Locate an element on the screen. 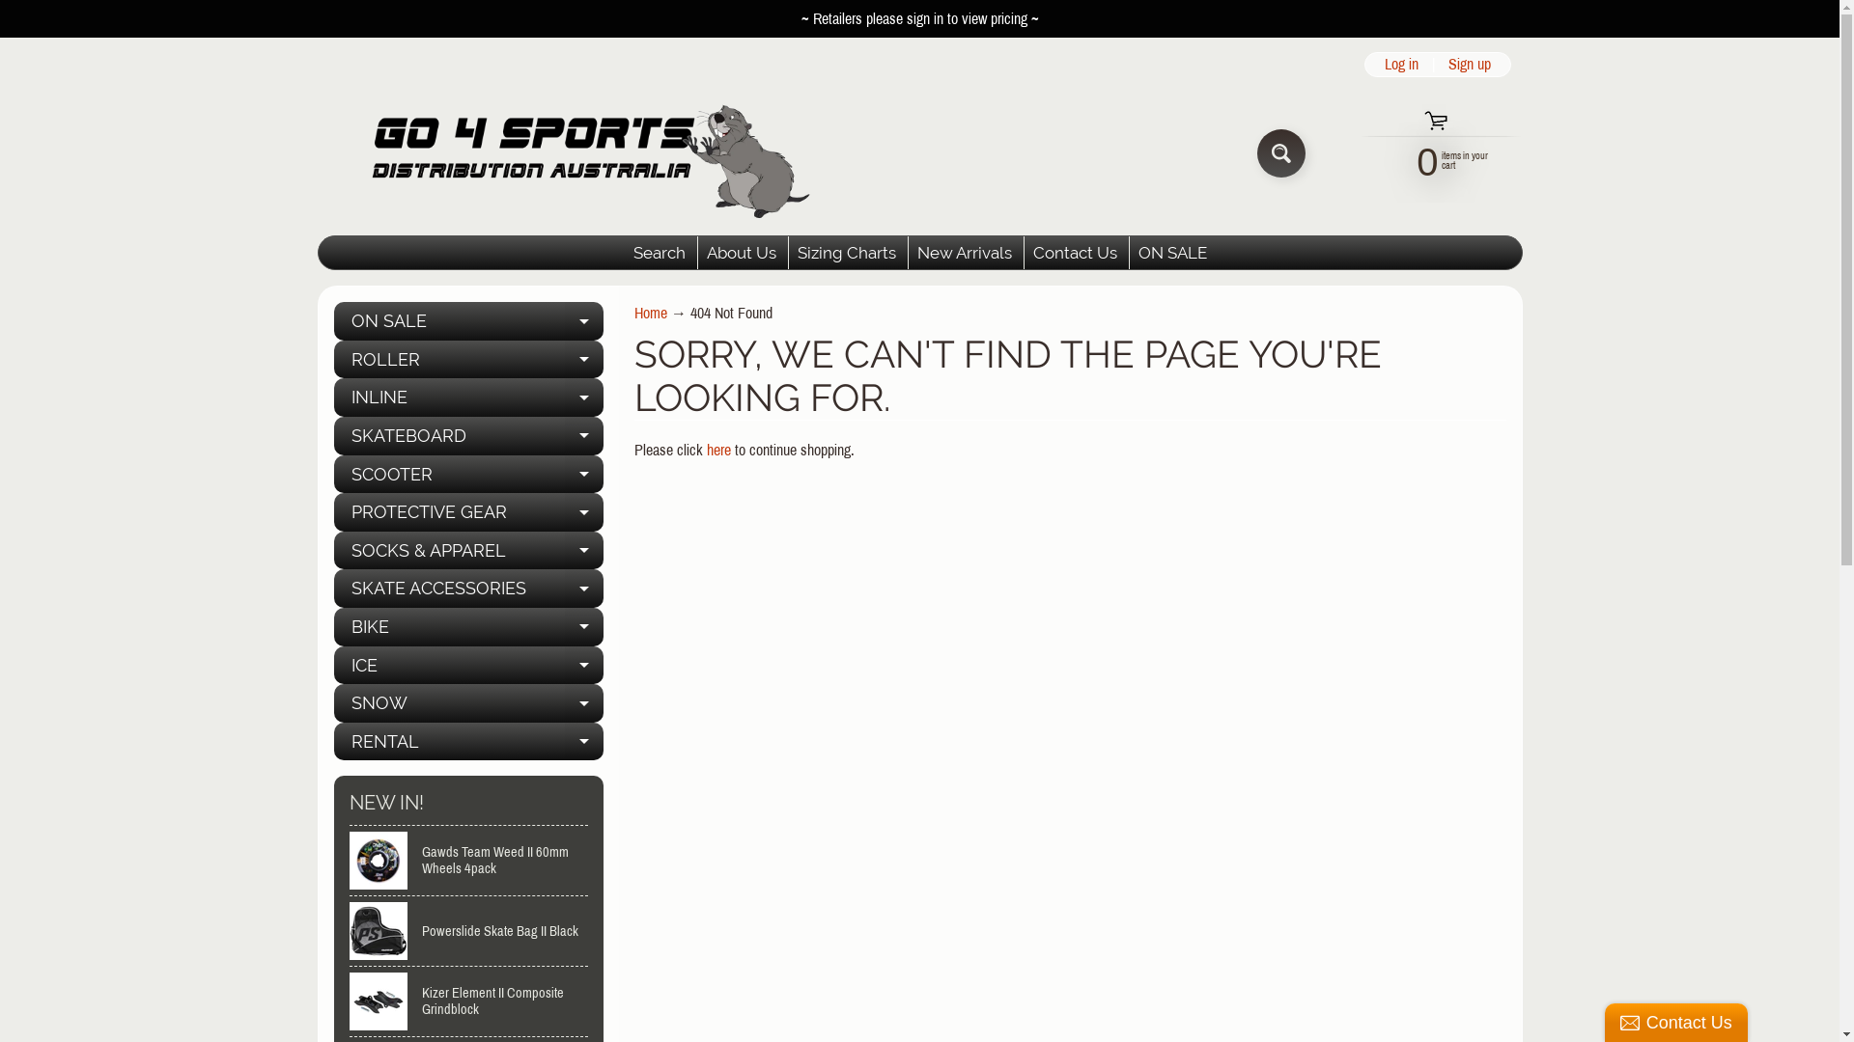  'Kizer Element II Composite Grindblock' is located at coordinates (468, 1000).